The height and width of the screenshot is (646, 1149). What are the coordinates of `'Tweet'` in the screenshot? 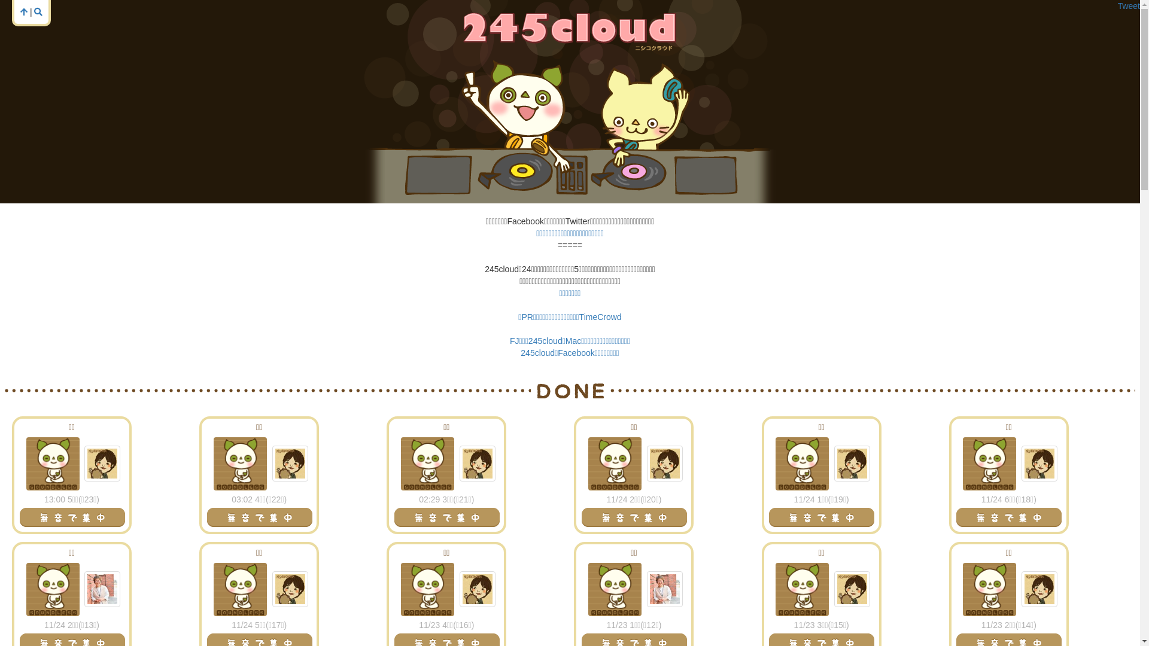 It's located at (1128, 6).